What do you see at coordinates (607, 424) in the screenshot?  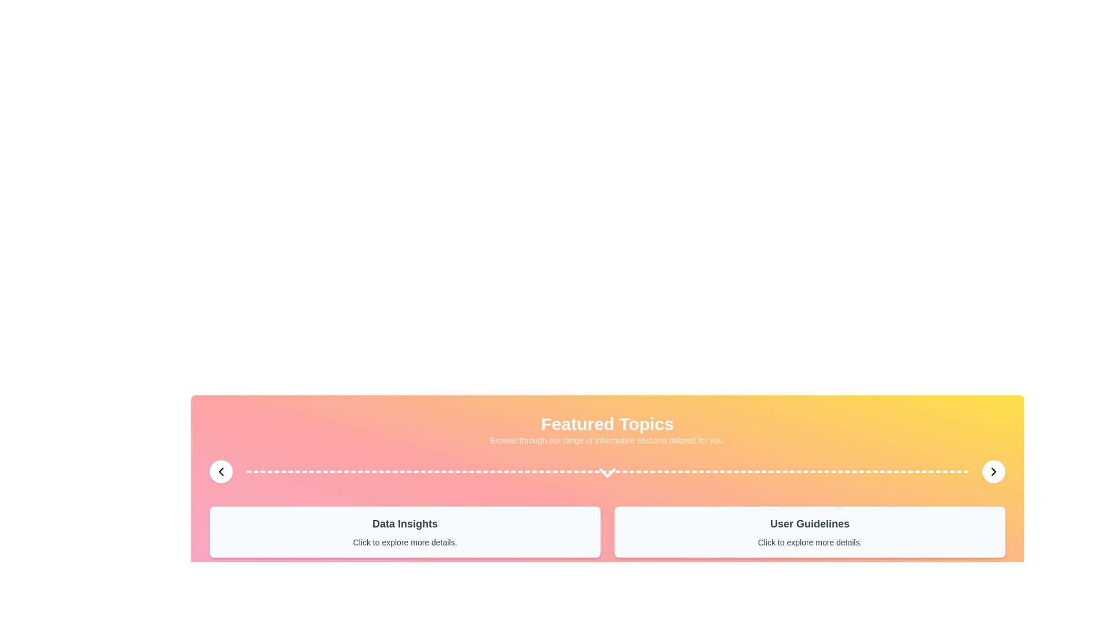 I see `the static text heading located at the top of the content module, which serves as the heading for the section` at bounding box center [607, 424].